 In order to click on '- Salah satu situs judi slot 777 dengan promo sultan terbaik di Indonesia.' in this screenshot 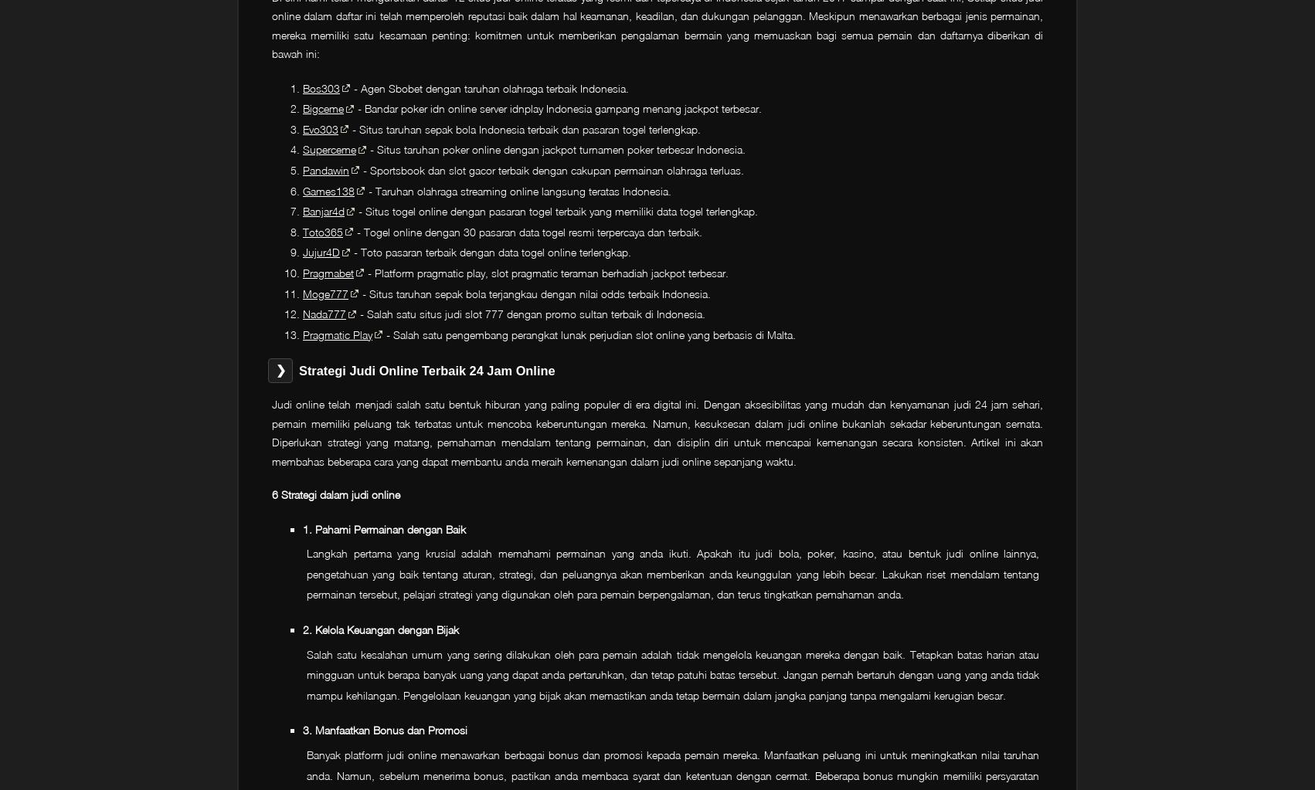, I will do `click(531, 314)`.